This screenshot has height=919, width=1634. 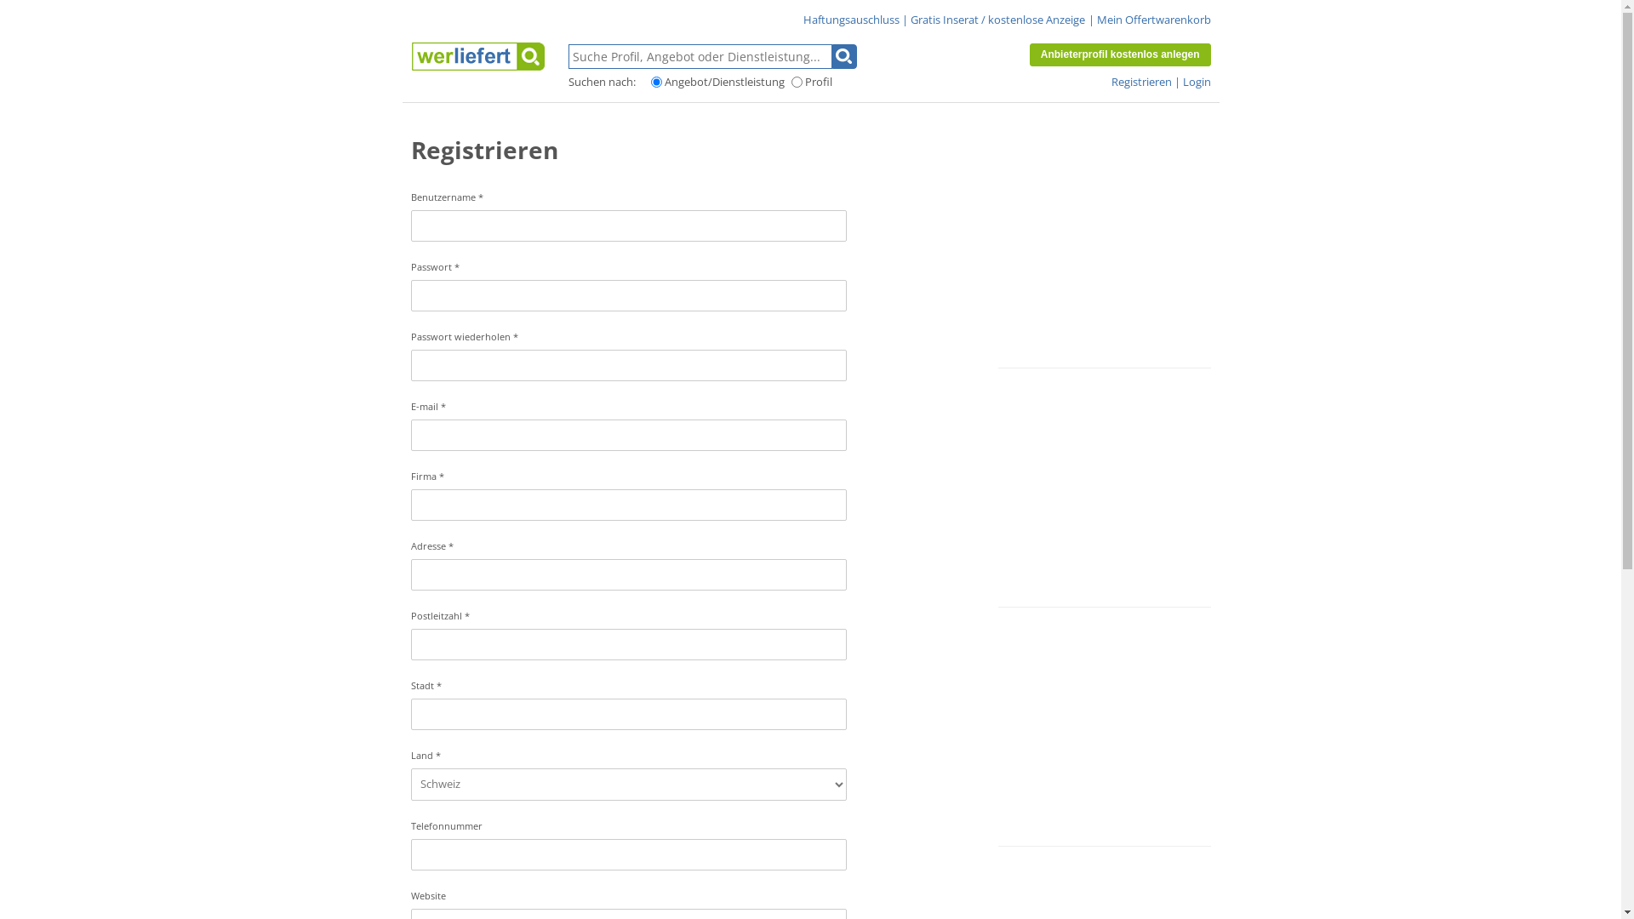 I want to click on 'Advertisement', so click(x=1103, y=726).